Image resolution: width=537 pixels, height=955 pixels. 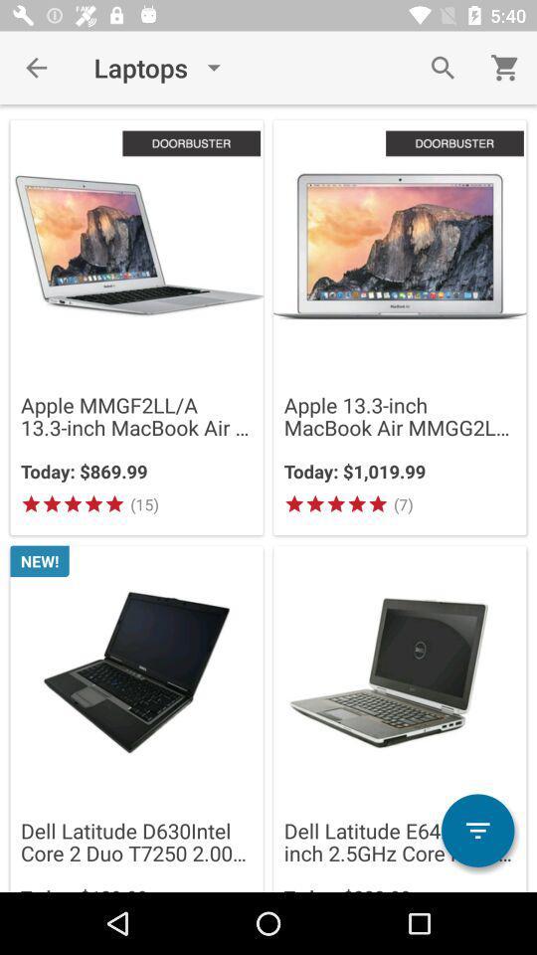 What do you see at coordinates (400, 327) in the screenshot?
I see `theimage which is on the top right corner` at bounding box center [400, 327].